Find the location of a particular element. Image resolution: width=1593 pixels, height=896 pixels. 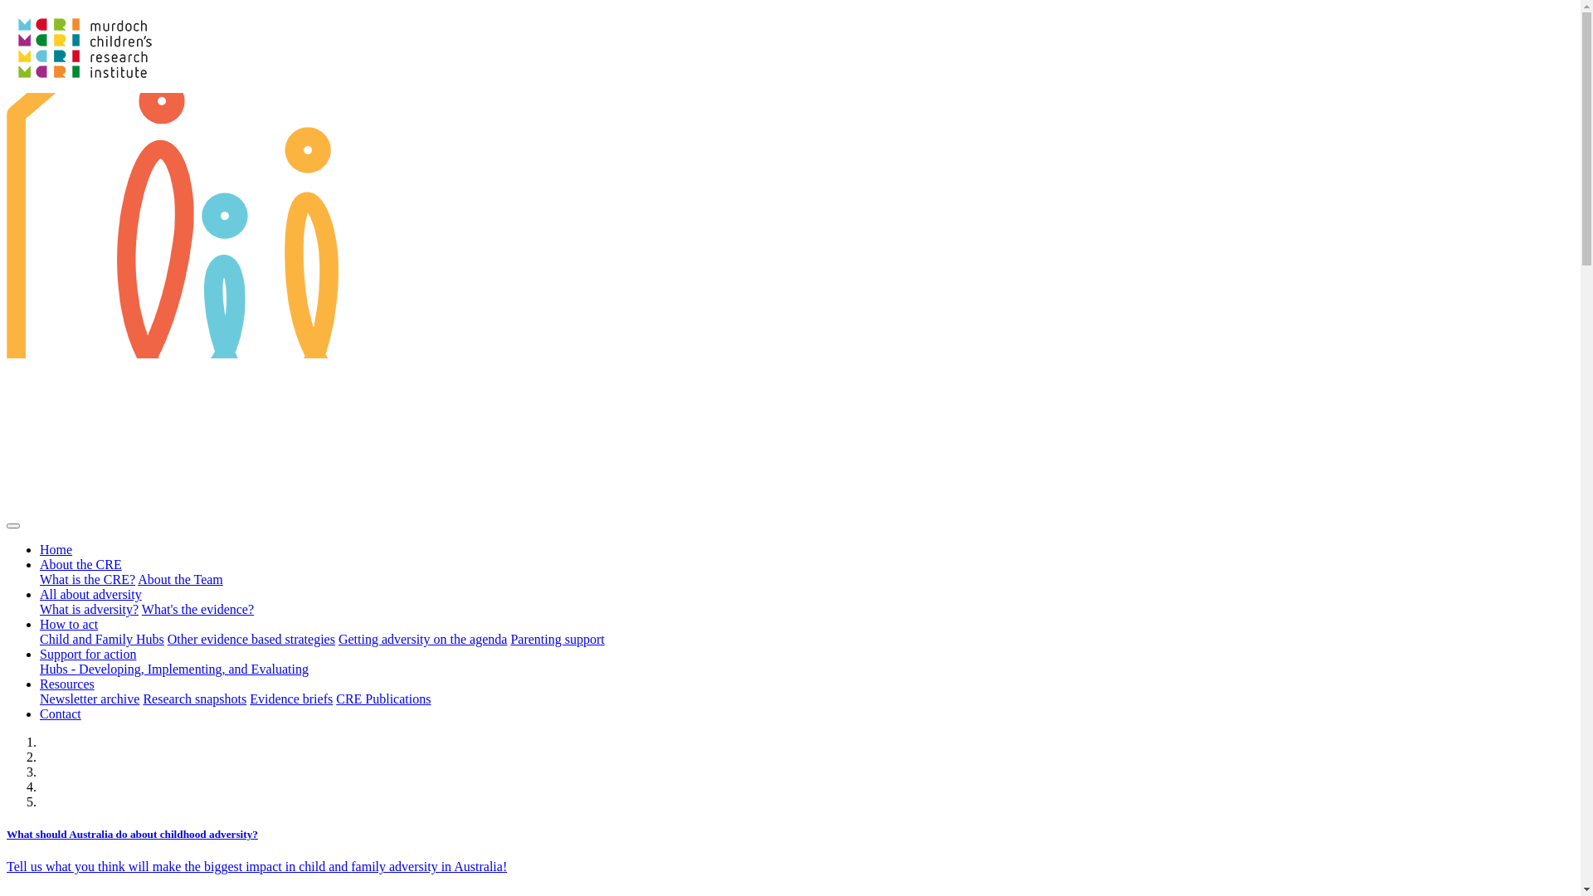

'About the CRE' is located at coordinates (80, 563).